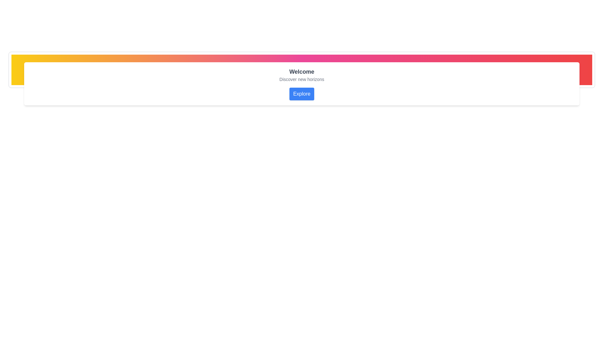 Image resolution: width=610 pixels, height=343 pixels. What do you see at coordinates (302, 71) in the screenshot?
I see `the static text heading that welcomes users to the page, positioned above the 'Discover new horizons' text and the 'Explore' button` at bounding box center [302, 71].